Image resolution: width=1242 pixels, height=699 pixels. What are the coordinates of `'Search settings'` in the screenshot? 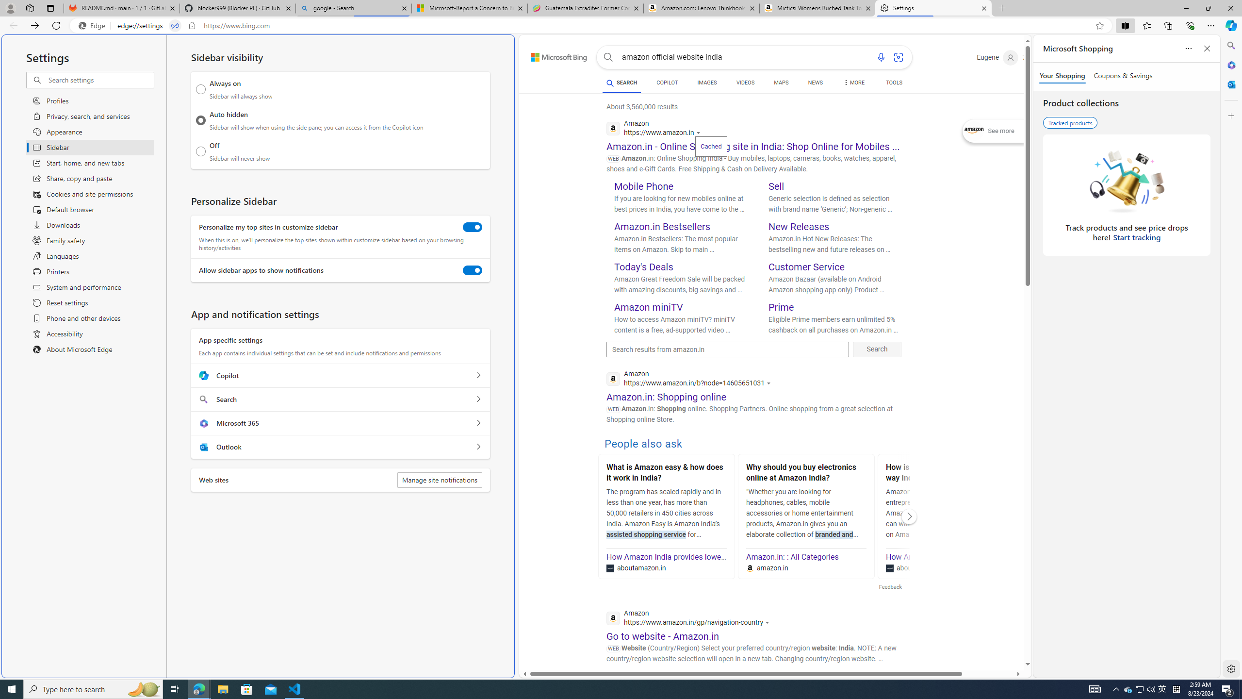 It's located at (100, 80).